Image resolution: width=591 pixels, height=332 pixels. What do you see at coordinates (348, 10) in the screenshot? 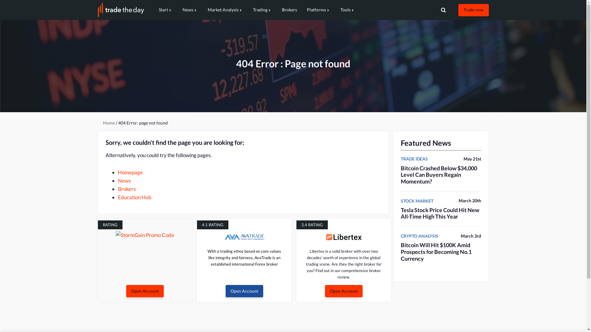
I see `'Tools'` at bounding box center [348, 10].